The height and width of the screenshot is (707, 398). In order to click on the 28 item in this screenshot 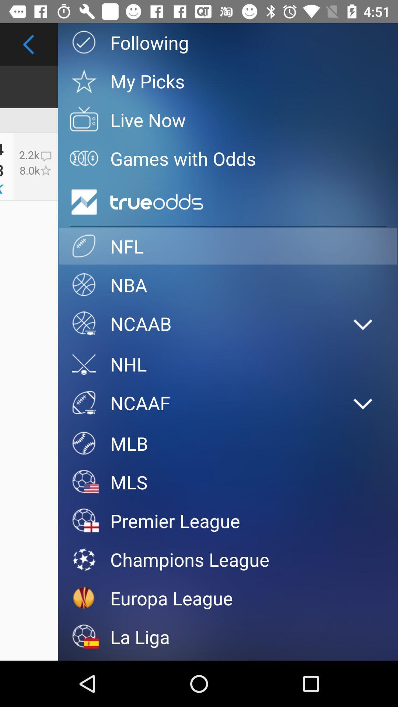, I will do `click(2, 169)`.